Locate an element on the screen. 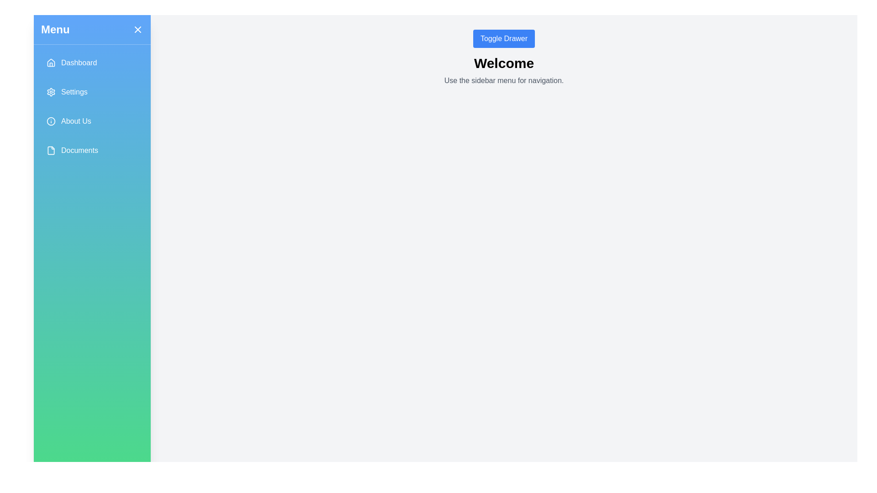  the menu item labeled About Us is located at coordinates (92, 121).